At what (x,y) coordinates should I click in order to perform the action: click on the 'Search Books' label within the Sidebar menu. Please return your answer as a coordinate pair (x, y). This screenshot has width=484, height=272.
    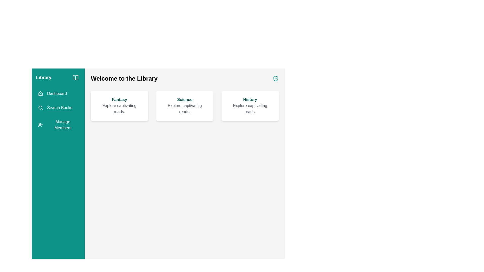
    Looking at the image, I should click on (58, 110).